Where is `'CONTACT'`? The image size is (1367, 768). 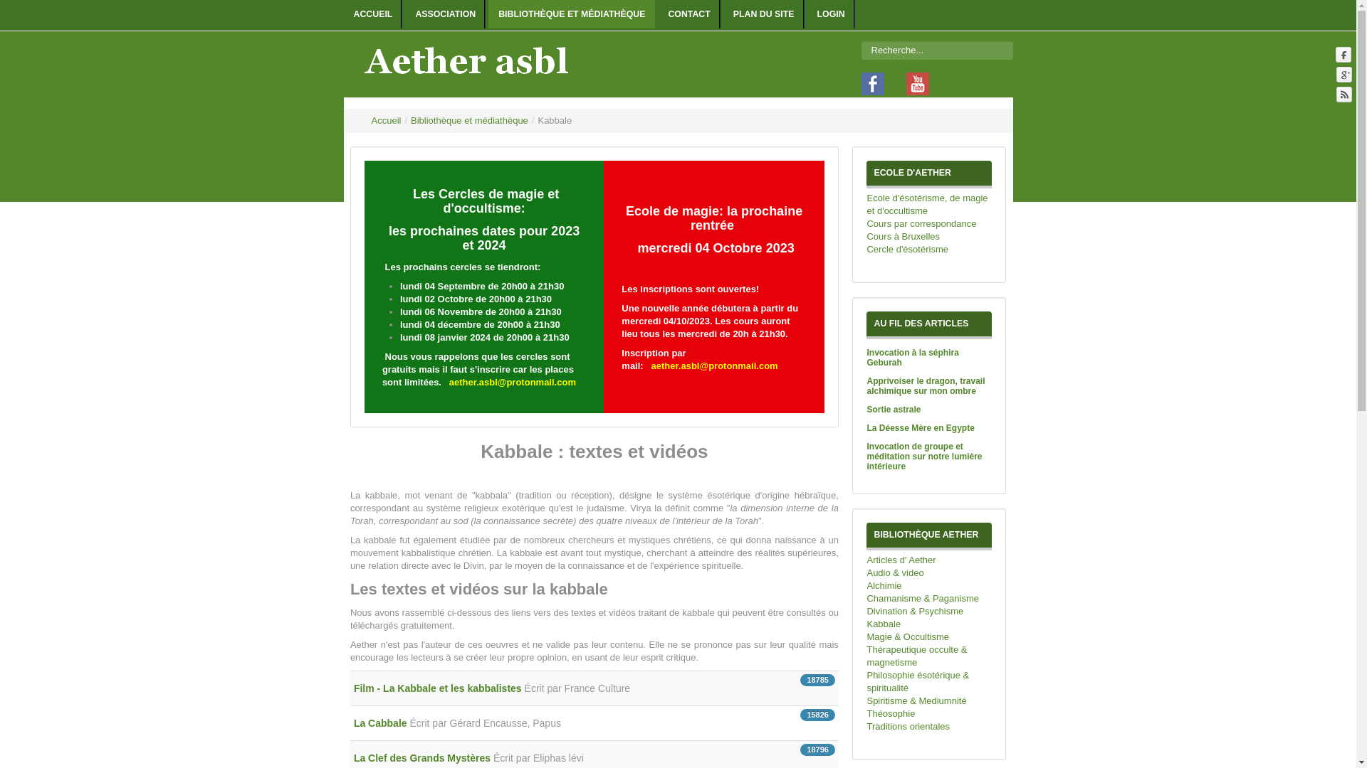 'CONTACT' is located at coordinates (688, 14).